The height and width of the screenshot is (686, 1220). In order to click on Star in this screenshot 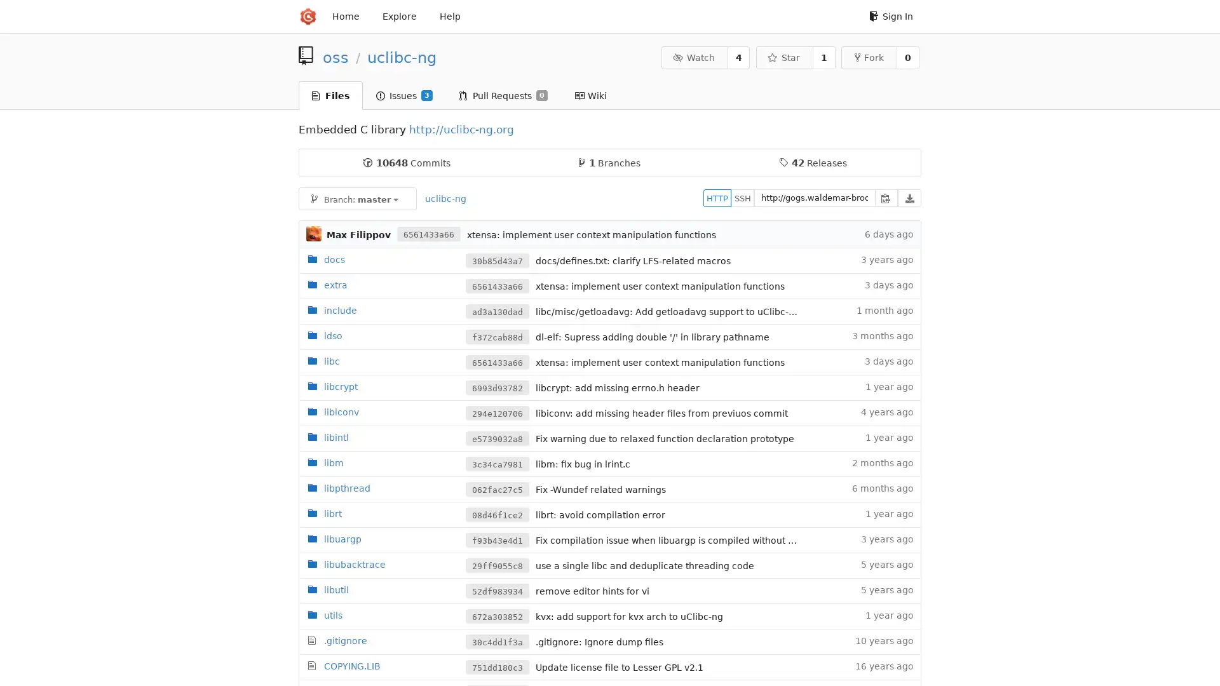, I will do `click(783, 58)`.